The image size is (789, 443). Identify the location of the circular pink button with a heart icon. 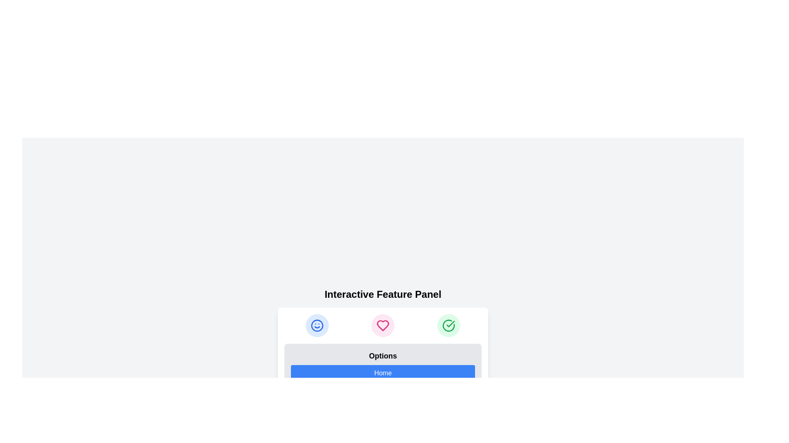
(382, 325).